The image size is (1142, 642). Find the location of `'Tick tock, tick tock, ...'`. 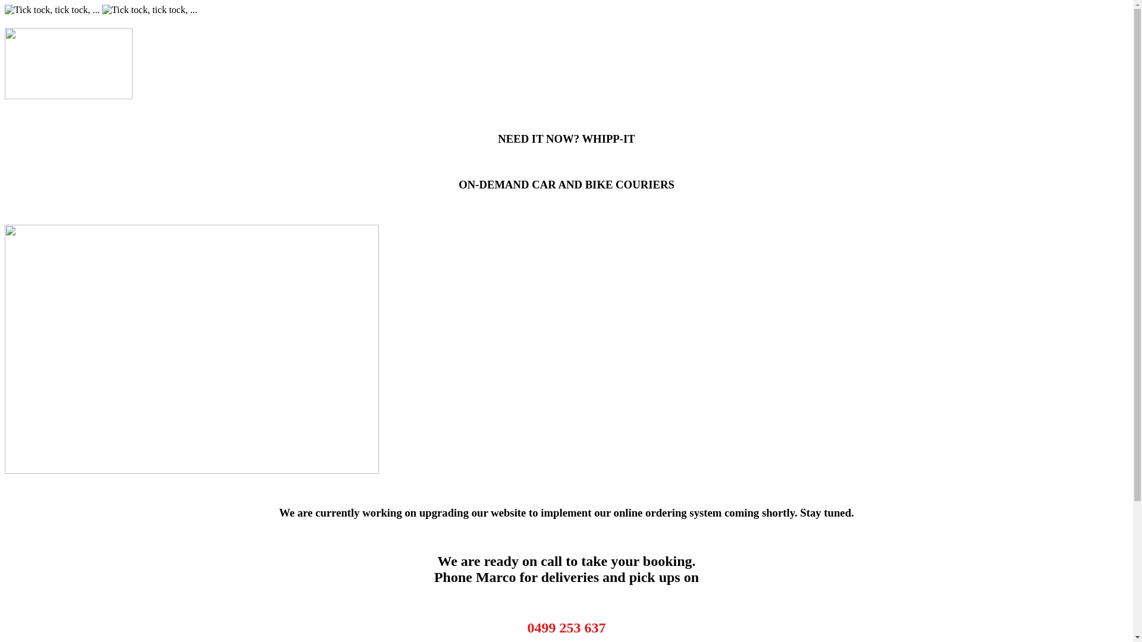

'Tick tock, tick tock, ...' is located at coordinates (51, 10).